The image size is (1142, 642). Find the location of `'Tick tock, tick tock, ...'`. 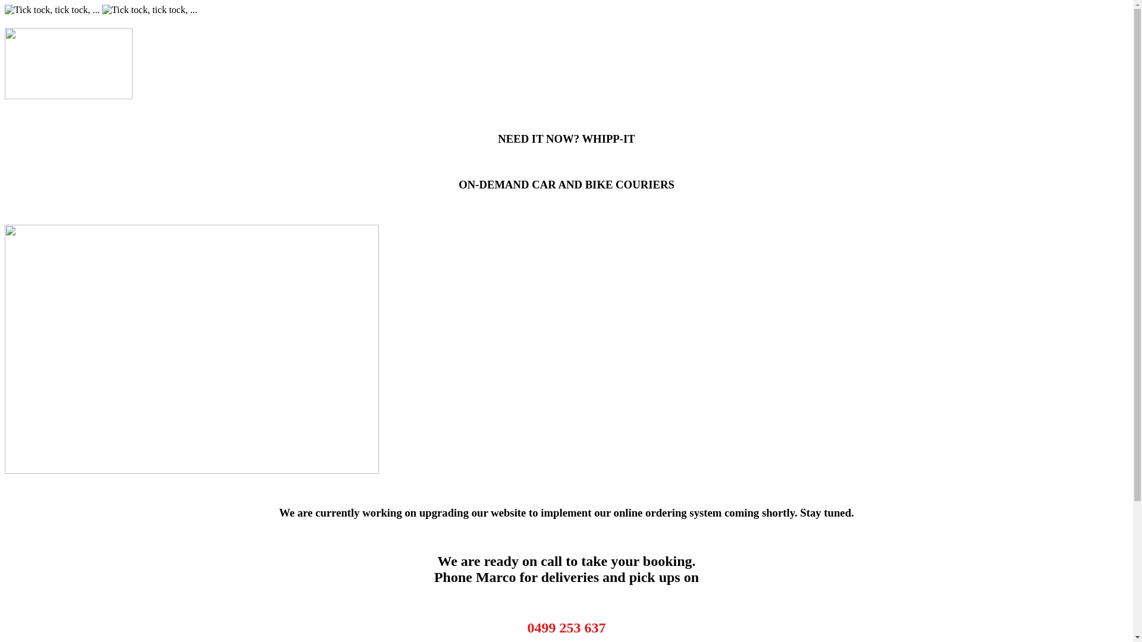

'Tick tock, tick tock, ...' is located at coordinates (51, 10).